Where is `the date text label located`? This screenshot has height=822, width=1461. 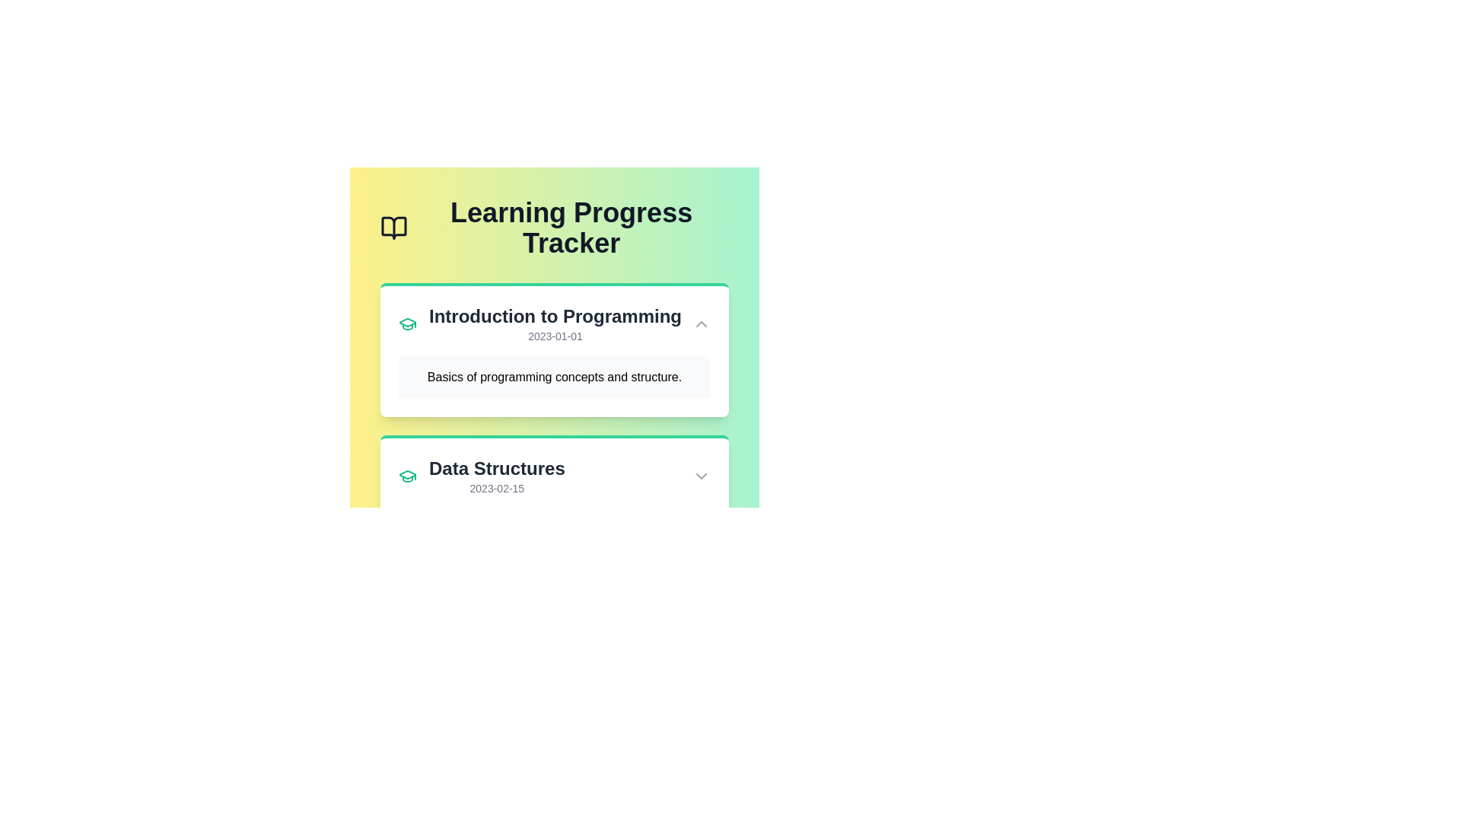
the date text label located is located at coordinates (554, 336).